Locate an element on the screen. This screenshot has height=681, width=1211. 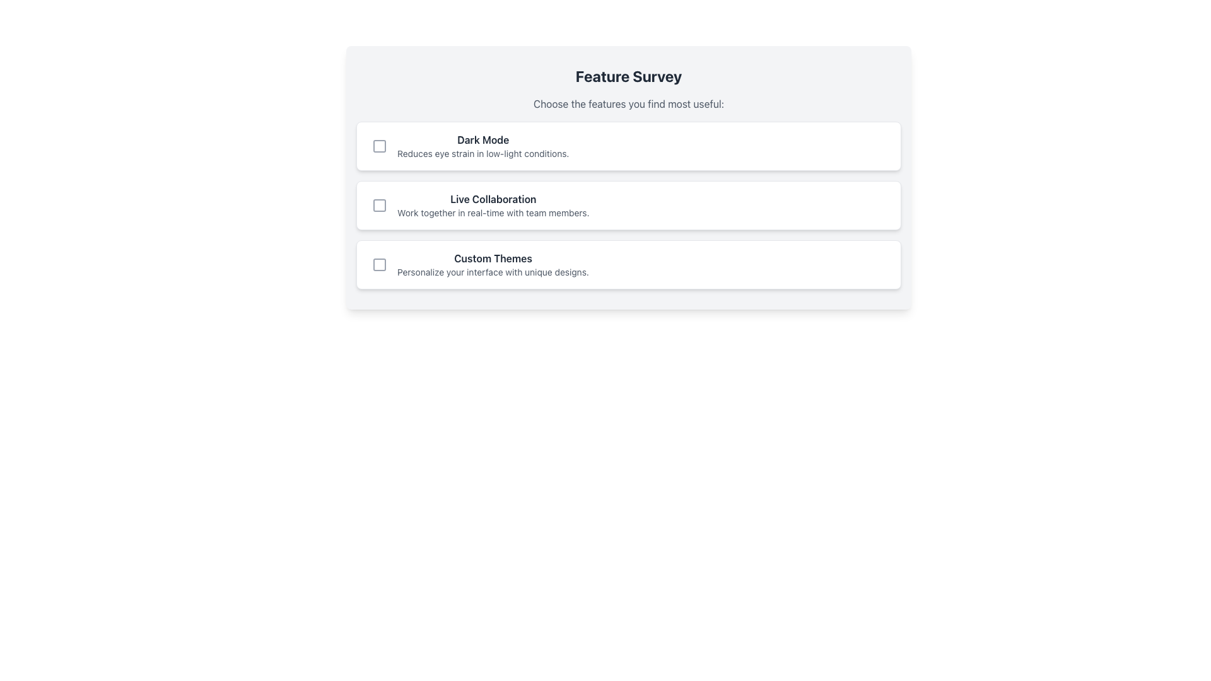
the header text element that serves as the title for the survey section, which is positioned above the instructions text is located at coordinates (629, 76).